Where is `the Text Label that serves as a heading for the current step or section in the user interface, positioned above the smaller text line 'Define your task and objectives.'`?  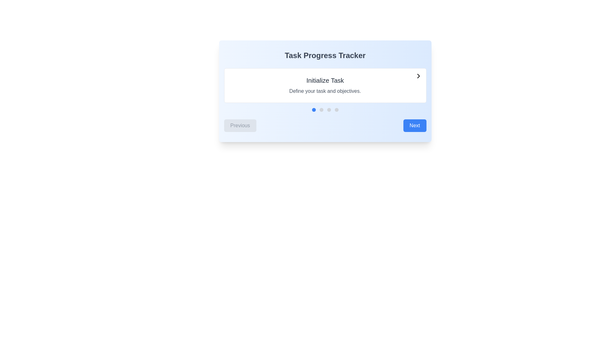 the Text Label that serves as a heading for the current step or section in the user interface, positioned above the smaller text line 'Define your task and objectives.' is located at coordinates (325, 80).